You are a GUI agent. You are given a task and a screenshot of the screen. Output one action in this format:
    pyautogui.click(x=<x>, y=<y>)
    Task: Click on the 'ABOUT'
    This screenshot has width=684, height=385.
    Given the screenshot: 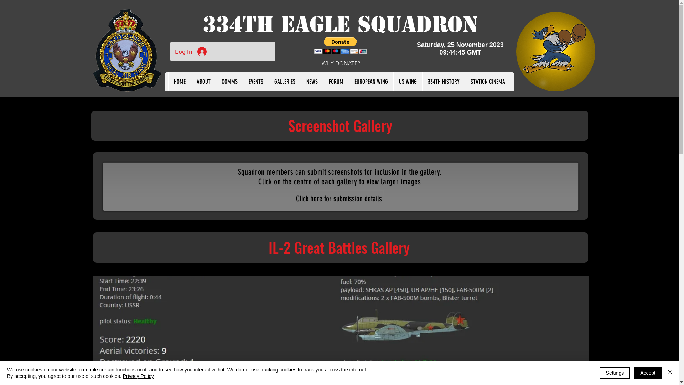 What is the action you would take?
    pyautogui.click(x=203, y=81)
    